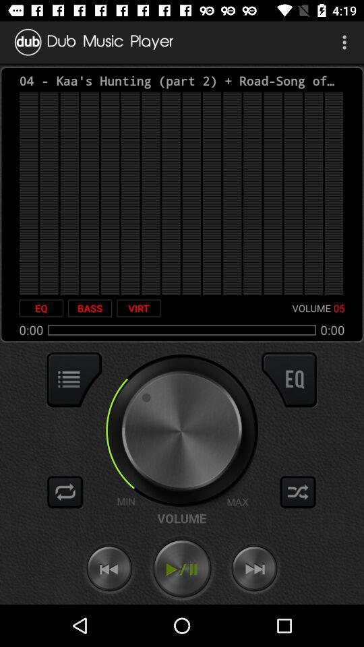 This screenshot has height=647, width=364. I want to click on item next to the  virt, so click(90, 308).